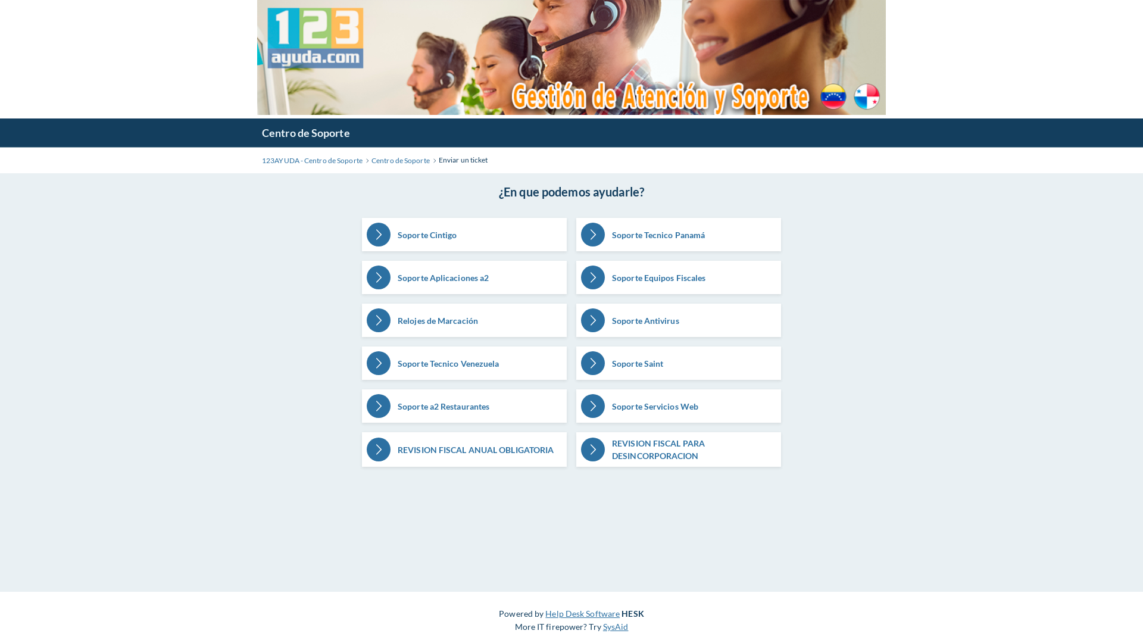  Describe the element at coordinates (582, 613) in the screenshot. I see `'Help Desk Software'` at that location.